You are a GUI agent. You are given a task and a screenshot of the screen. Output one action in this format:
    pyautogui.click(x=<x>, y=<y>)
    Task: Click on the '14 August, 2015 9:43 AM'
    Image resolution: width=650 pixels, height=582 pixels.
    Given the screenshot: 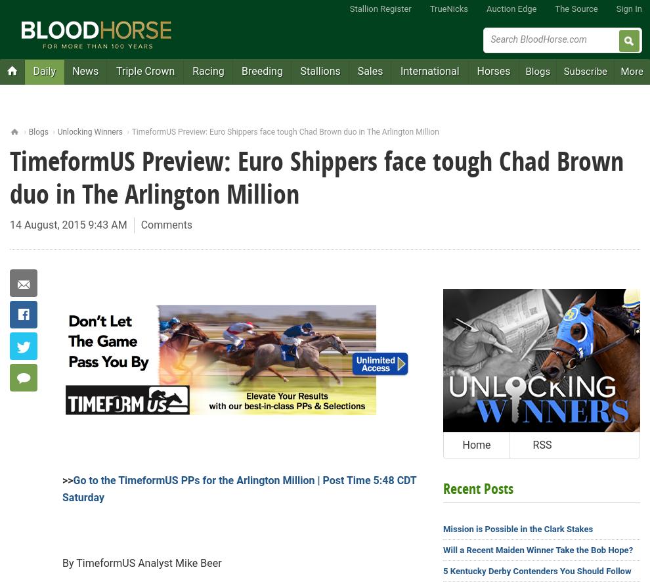 What is the action you would take?
    pyautogui.click(x=68, y=224)
    